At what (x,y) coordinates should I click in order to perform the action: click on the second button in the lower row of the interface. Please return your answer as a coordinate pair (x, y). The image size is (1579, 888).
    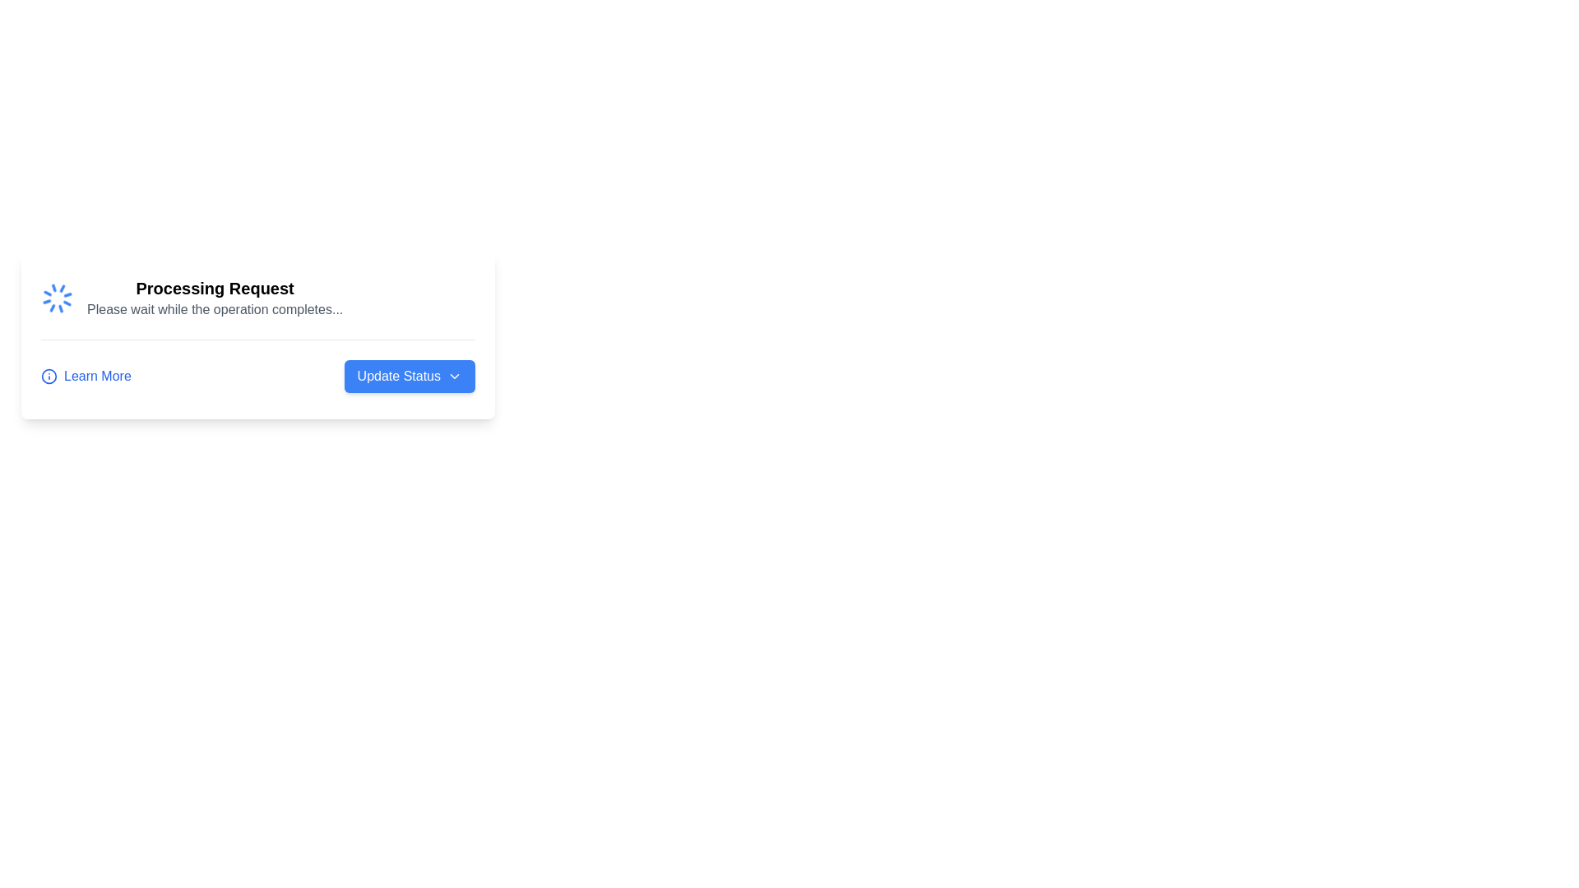
    Looking at the image, I should click on (410, 377).